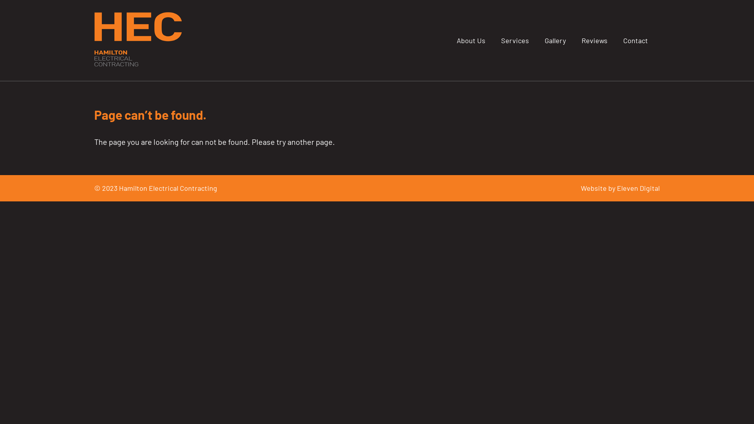  What do you see at coordinates (638, 188) in the screenshot?
I see `'Eleven Digital'` at bounding box center [638, 188].